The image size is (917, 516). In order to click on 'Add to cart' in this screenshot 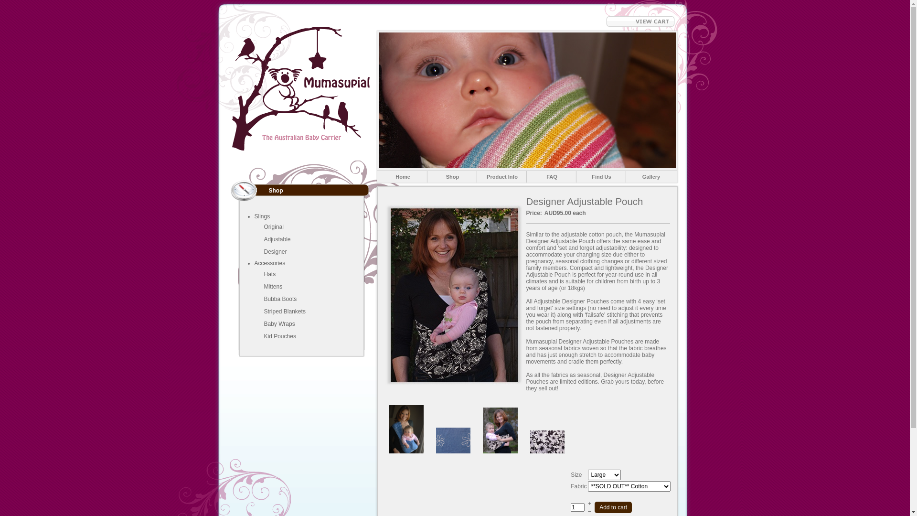, I will do `click(613, 506)`.